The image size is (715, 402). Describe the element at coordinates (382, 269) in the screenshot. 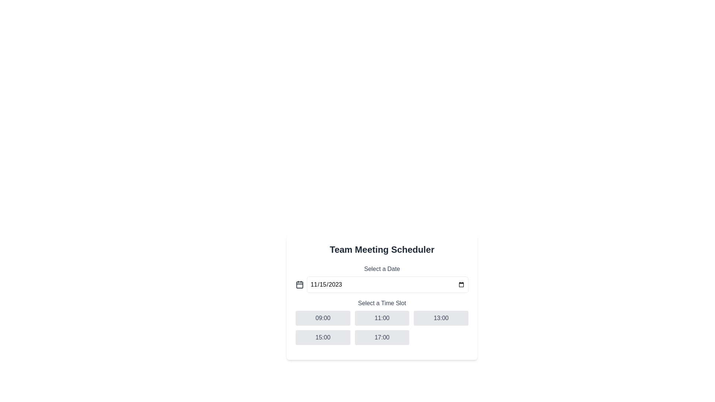

I see `the text label element that says 'Select a Date', which is styled with a medium-weight gray font and is positioned above the date picker input field` at that location.